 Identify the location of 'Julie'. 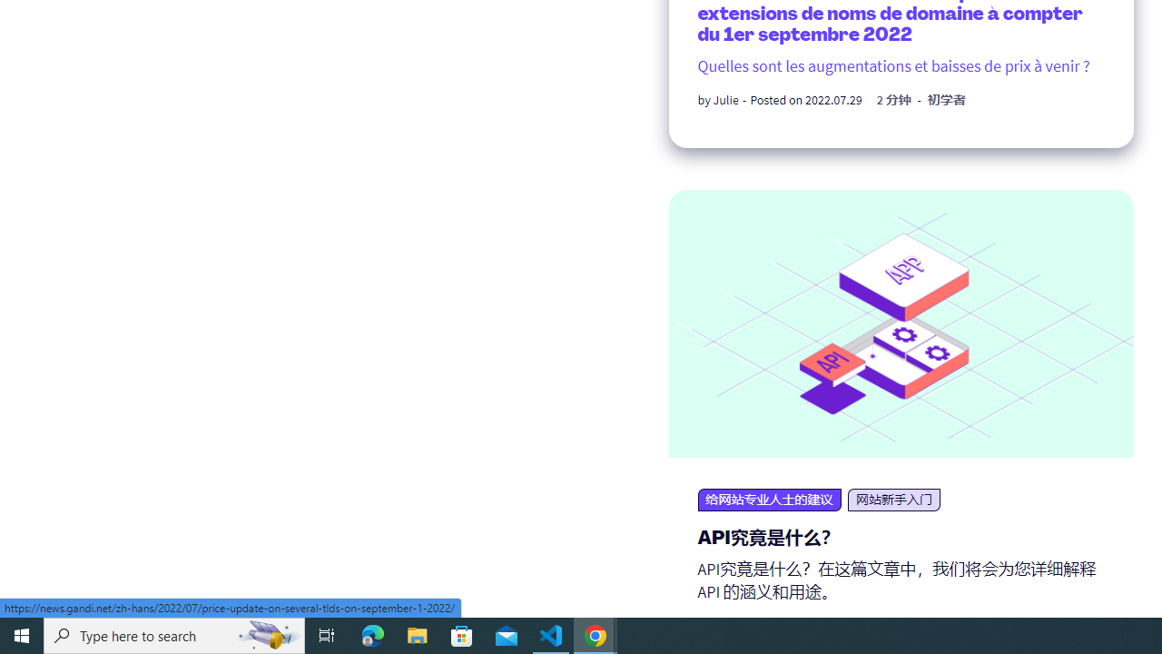
(724, 100).